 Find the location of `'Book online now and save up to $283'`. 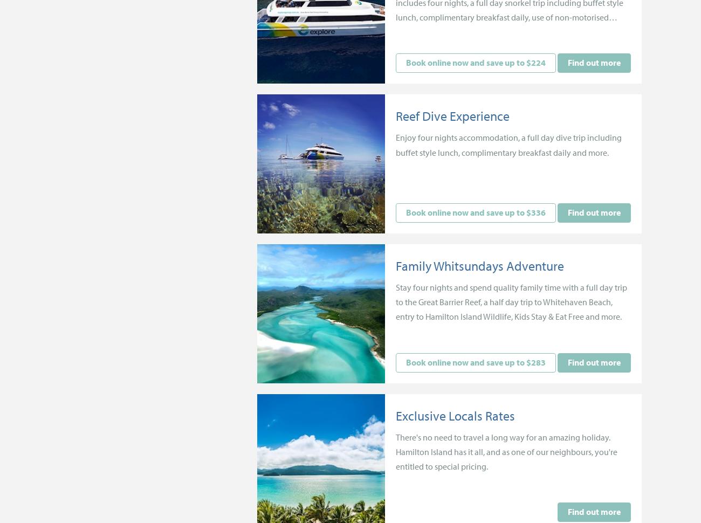

'Book online now and save up to $283' is located at coordinates (475, 361).